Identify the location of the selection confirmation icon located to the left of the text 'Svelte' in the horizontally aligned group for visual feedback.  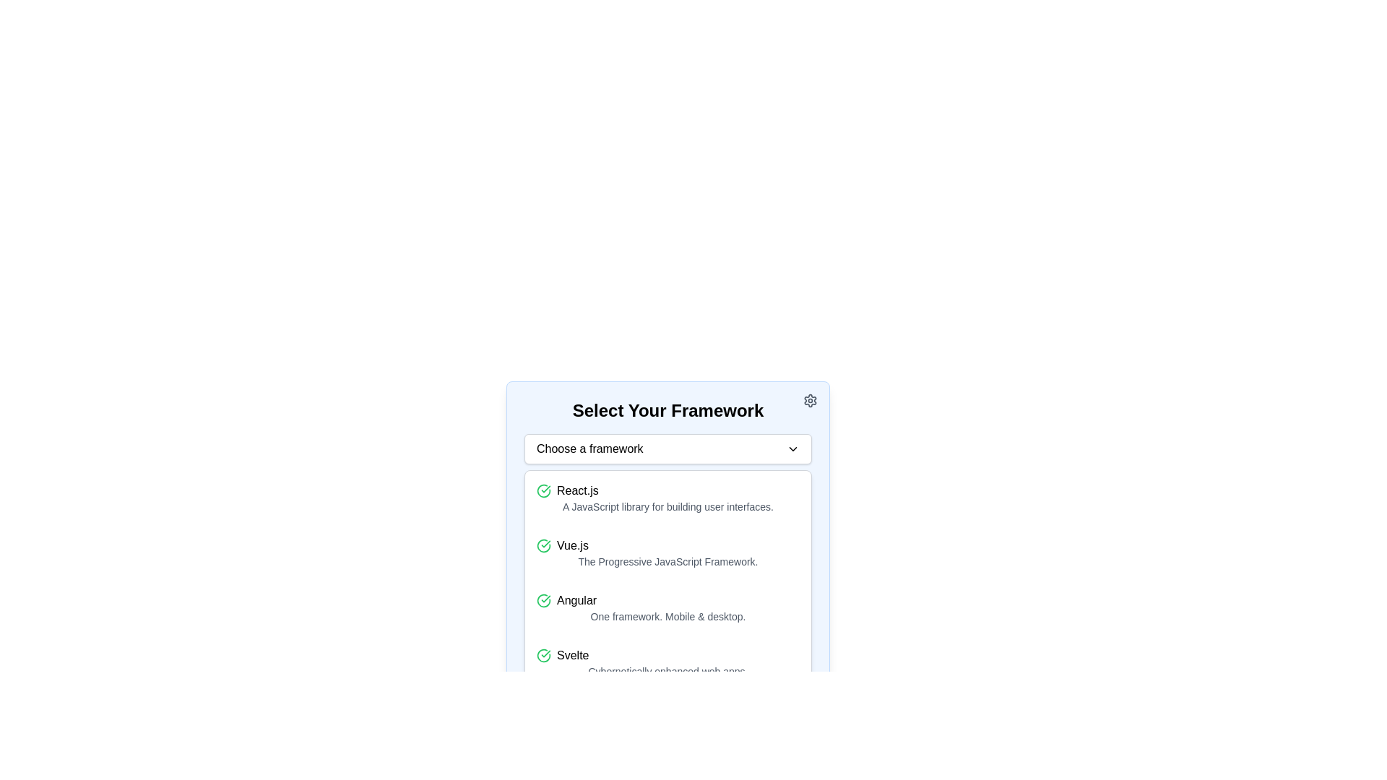
(543, 655).